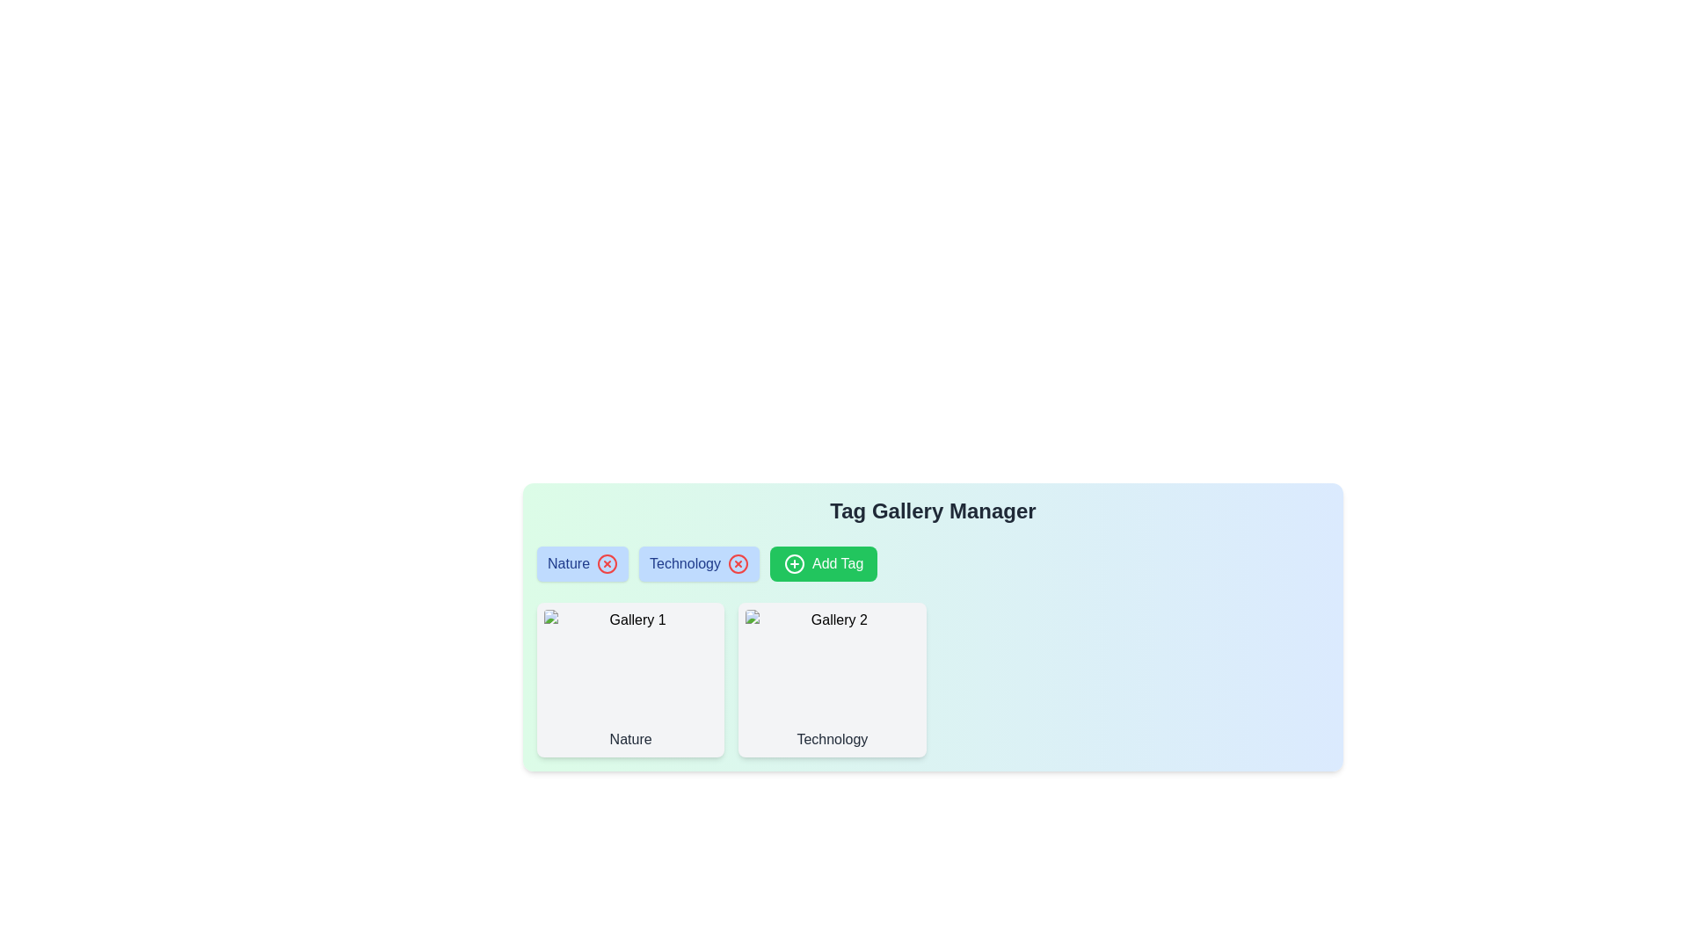 The width and height of the screenshot is (1688, 949). Describe the element at coordinates (630, 739) in the screenshot. I see `text label displaying 'Nature' which is centered beneath the 'Gallery 1' image in a card-like area` at that location.